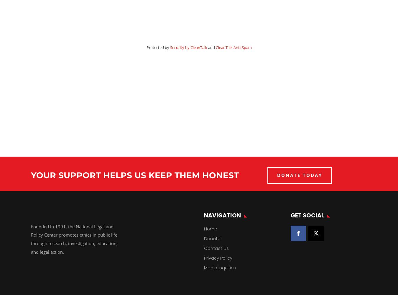 The width and height of the screenshot is (398, 295). What do you see at coordinates (157, 47) in the screenshot?
I see `'Protected by'` at bounding box center [157, 47].